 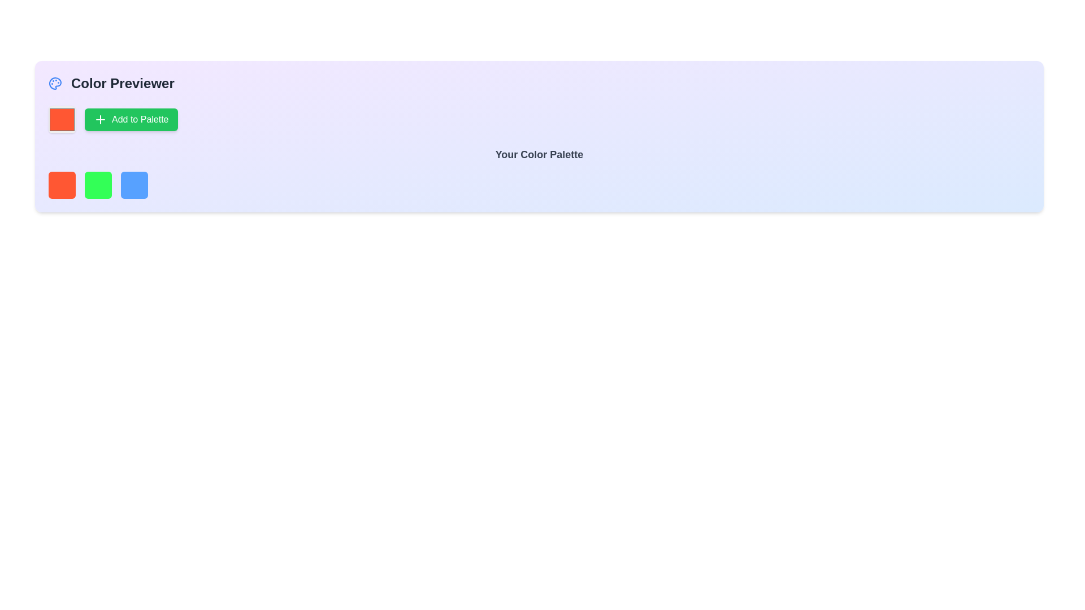 I want to click on the green '+' icon located on the left side of the 'Add, so click(x=100, y=120).